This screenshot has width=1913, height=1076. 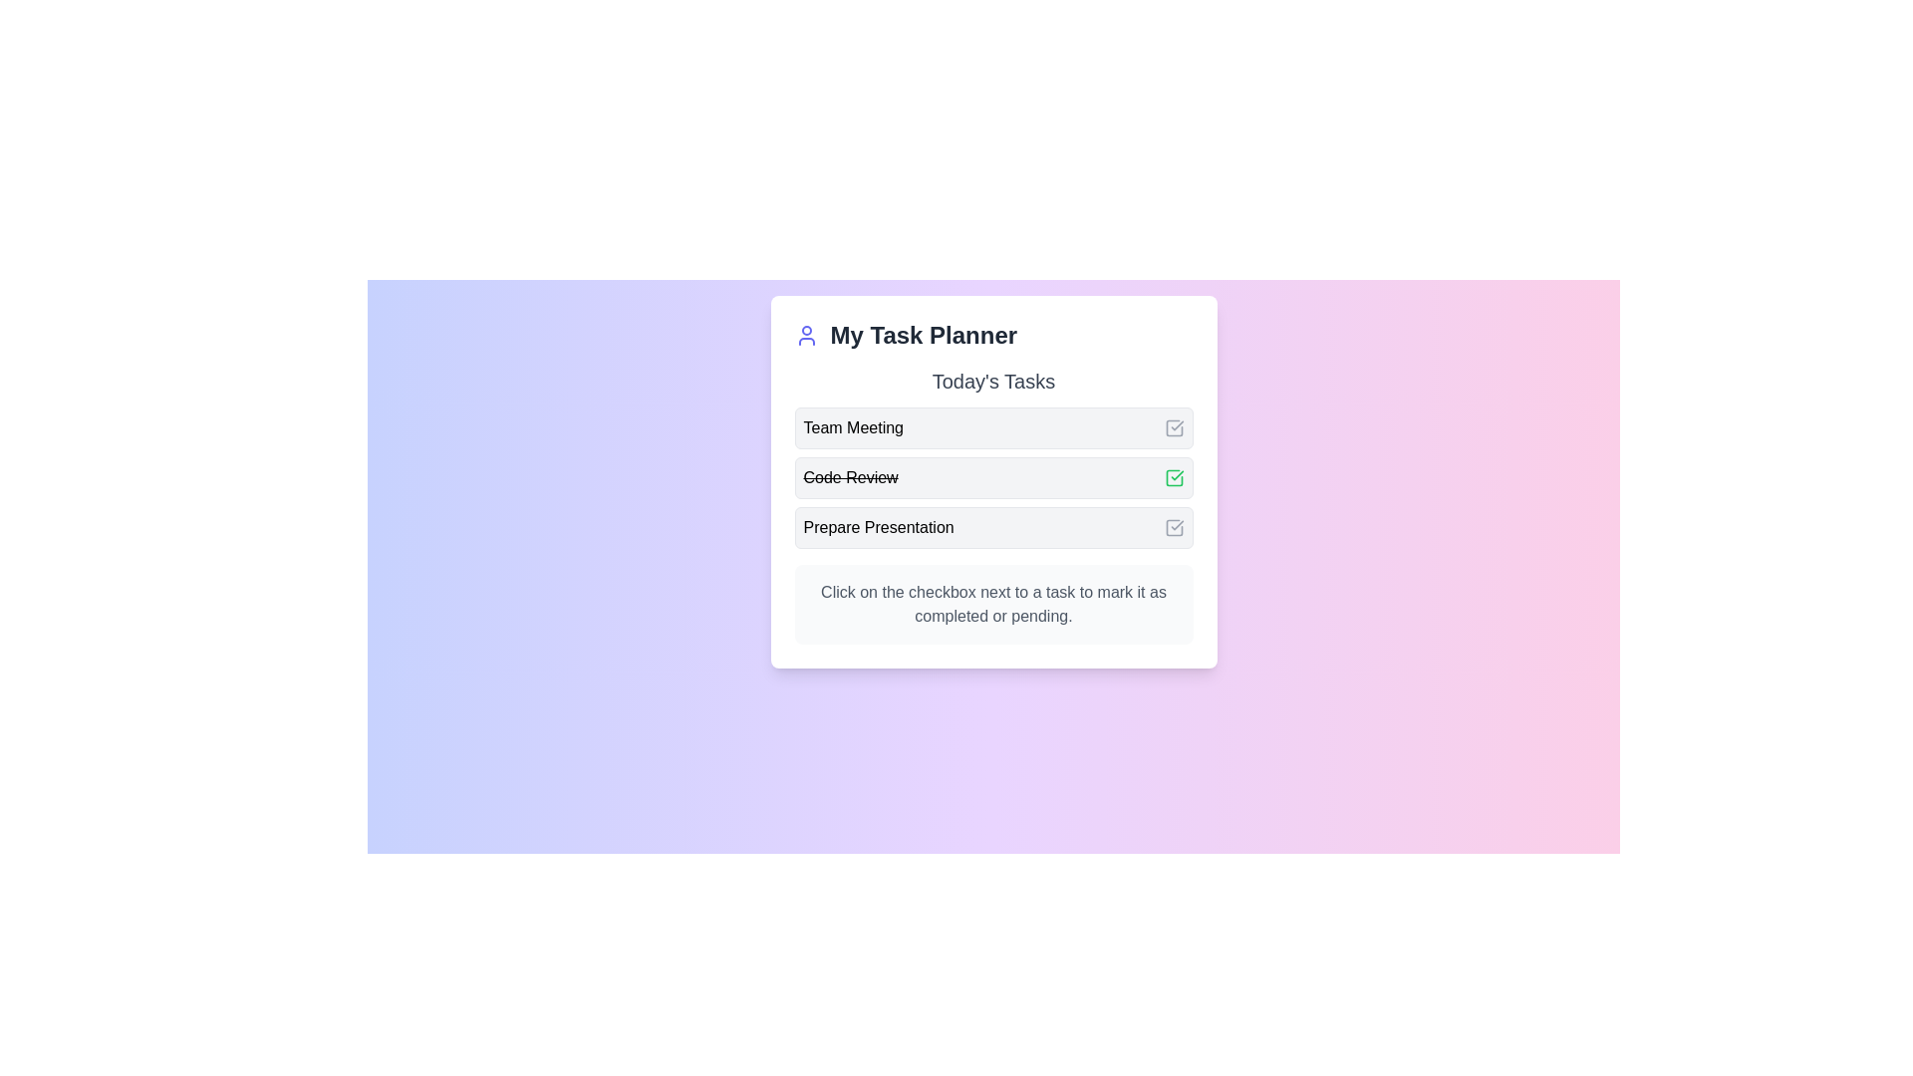 What do you see at coordinates (923, 334) in the screenshot?
I see `the text label that serves as a title or heading for the task planner section, located in the header of a card-like UI section, adjacent to the left of a user icon` at bounding box center [923, 334].